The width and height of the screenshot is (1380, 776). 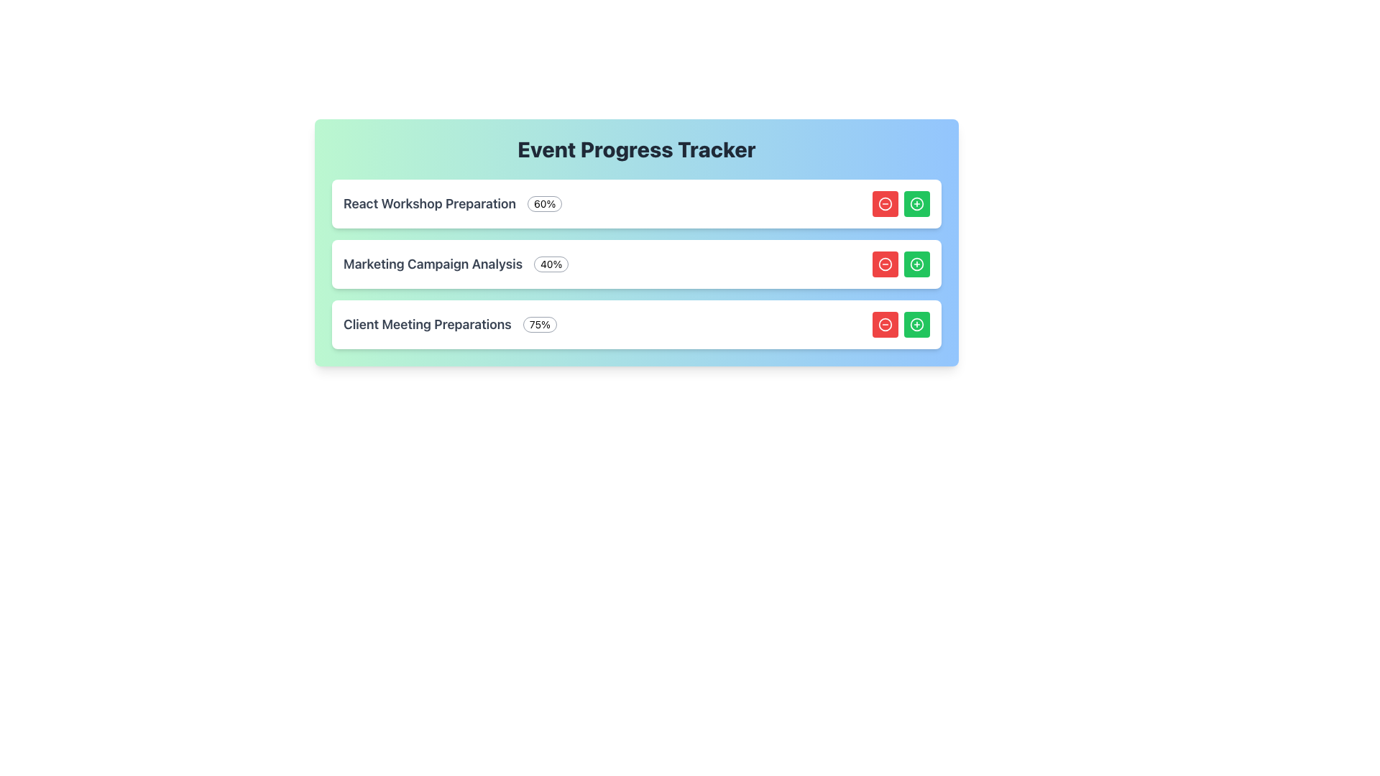 I want to click on the green button with a plus sign in the 'Event Progress Tracker' interface for 'Marketing Campaign Analysis', so click(x=916, y=264).